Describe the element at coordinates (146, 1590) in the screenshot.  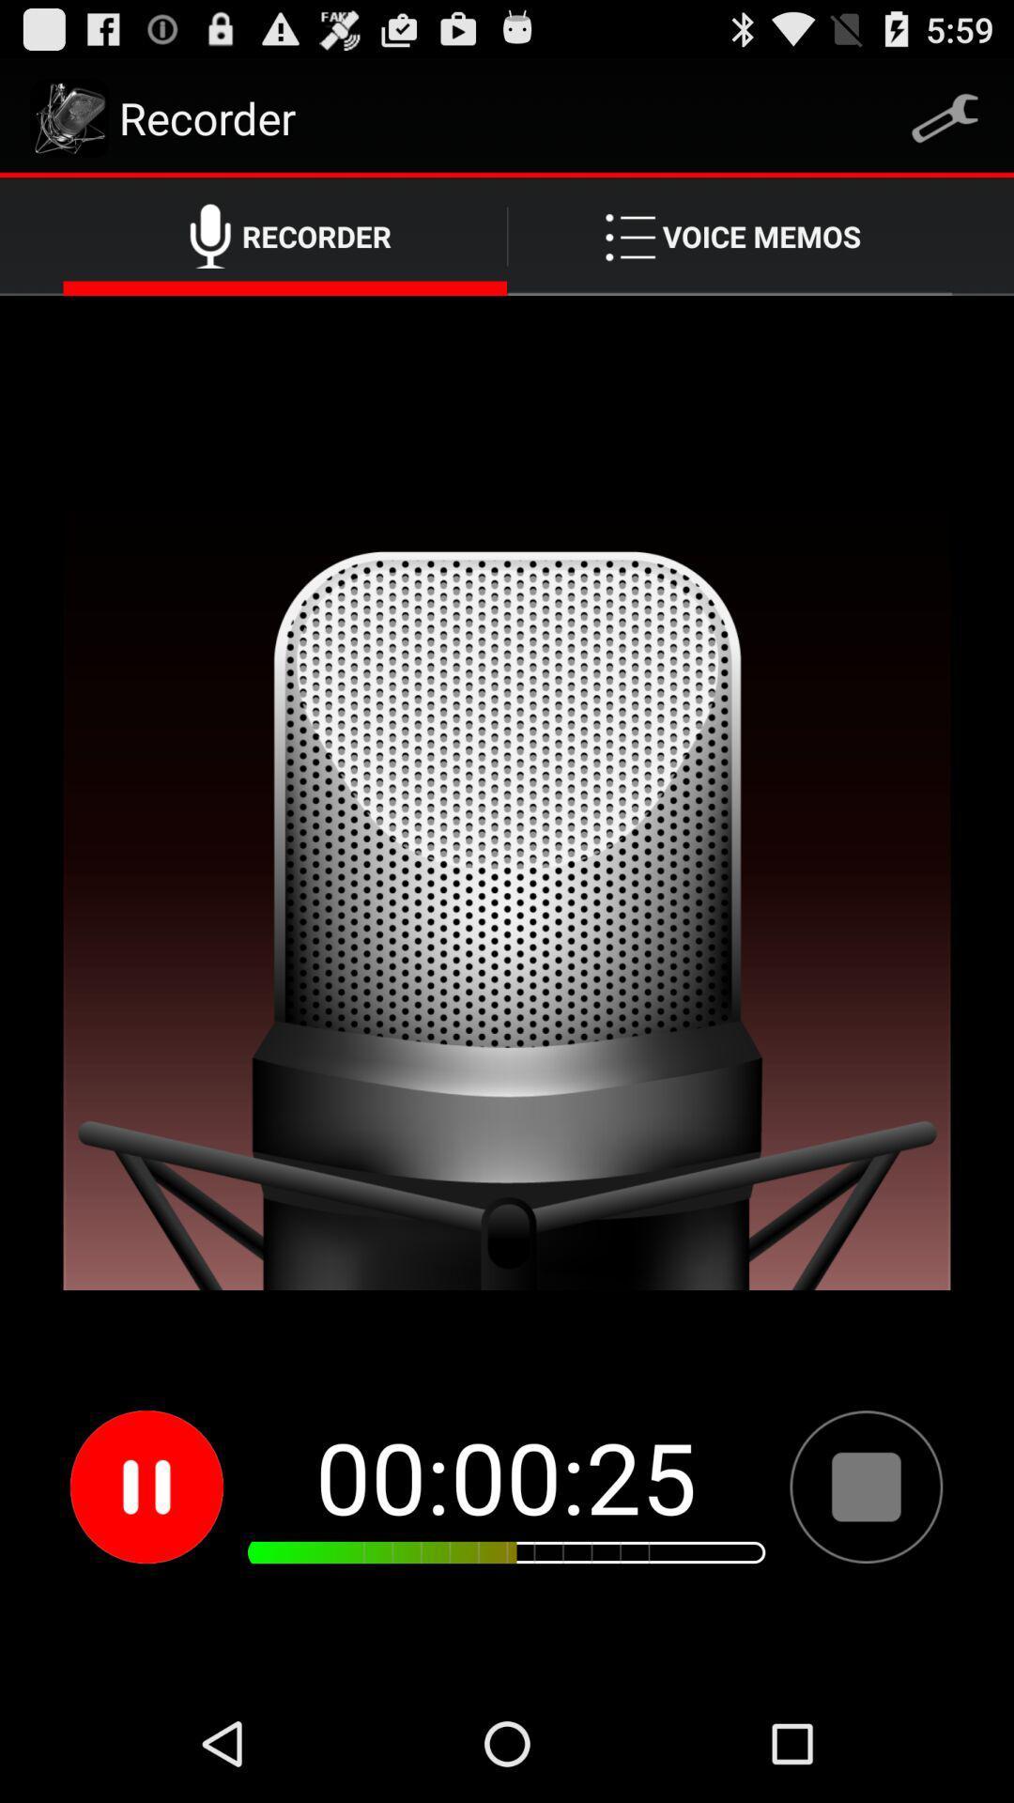
I see `the pause icon` at that location.